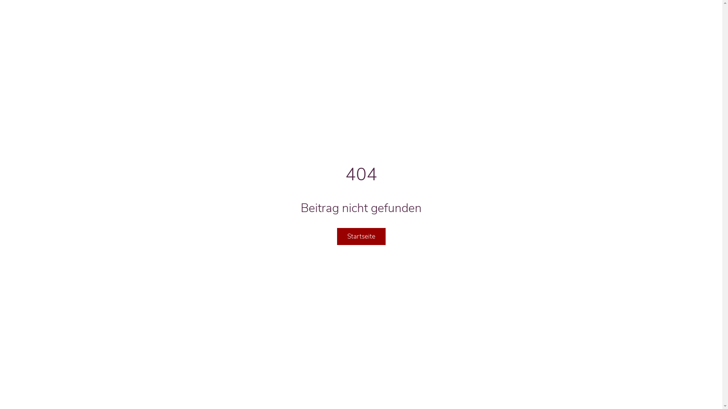  I want to click on 'Startseite', so click(360, 236).